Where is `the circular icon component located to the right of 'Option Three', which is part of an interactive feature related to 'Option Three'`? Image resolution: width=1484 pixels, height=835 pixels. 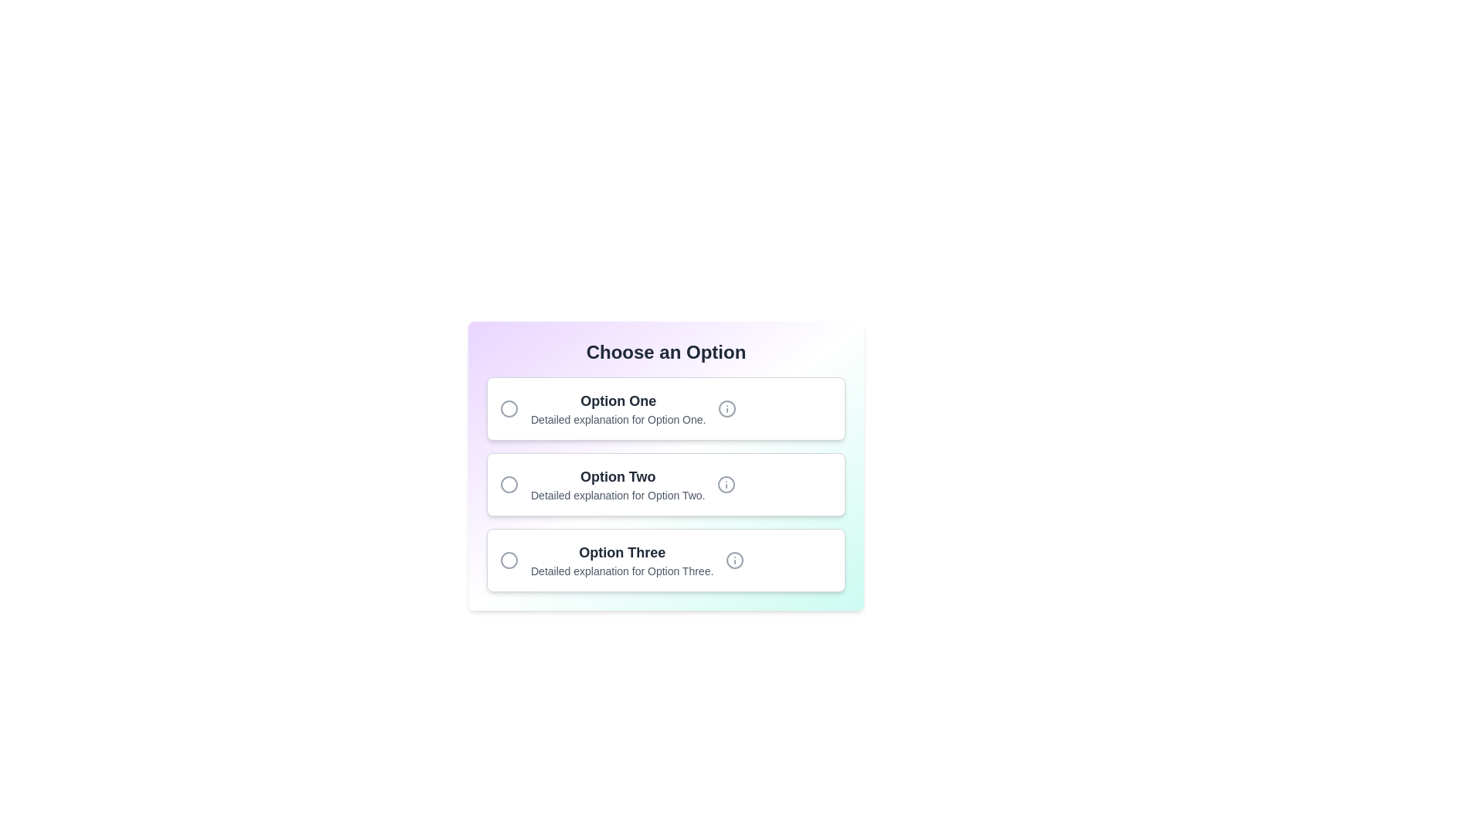 the circular icon component located to the right of 'Option Three', which is part of an interactive feature related to 'Option Three' is located at coordinates (734, 561).